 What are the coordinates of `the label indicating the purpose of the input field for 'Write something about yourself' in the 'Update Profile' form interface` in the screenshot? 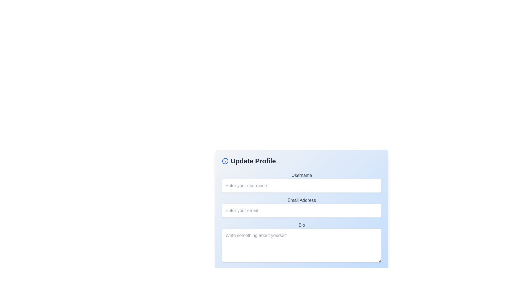 It's located at (301, 225).